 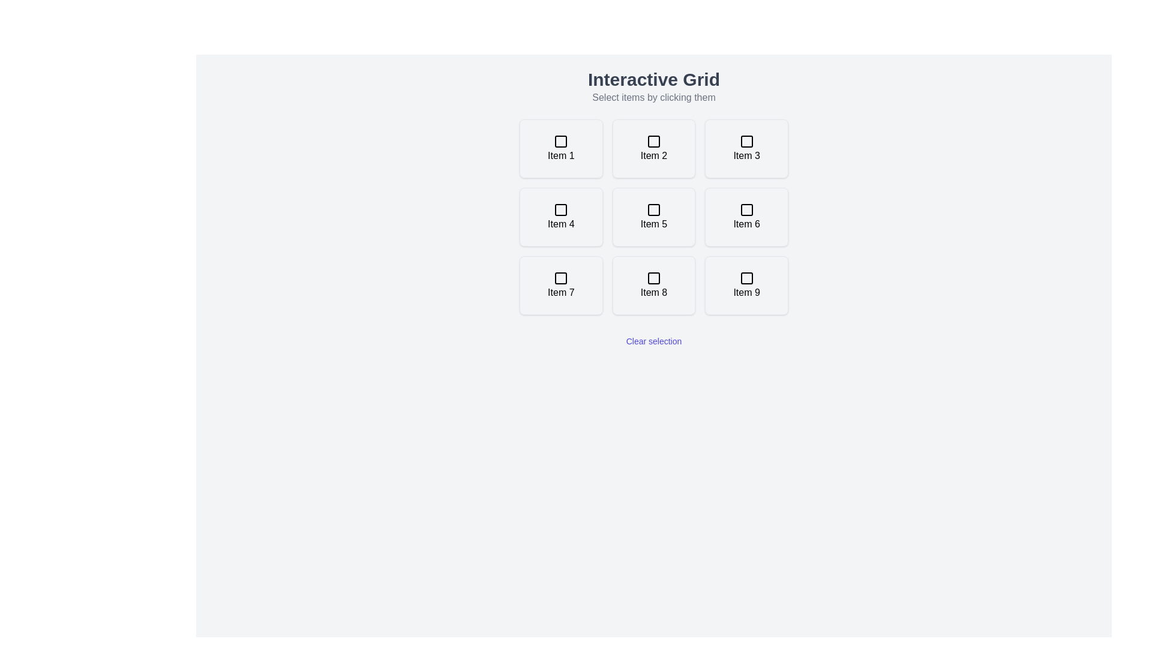 What do you see at coordinates (560, 278) in the screenshot?
I see `the selection state icon located in the grid's third row and first column, which visually indicates an active or selected item` at bounding box center [560, 278].